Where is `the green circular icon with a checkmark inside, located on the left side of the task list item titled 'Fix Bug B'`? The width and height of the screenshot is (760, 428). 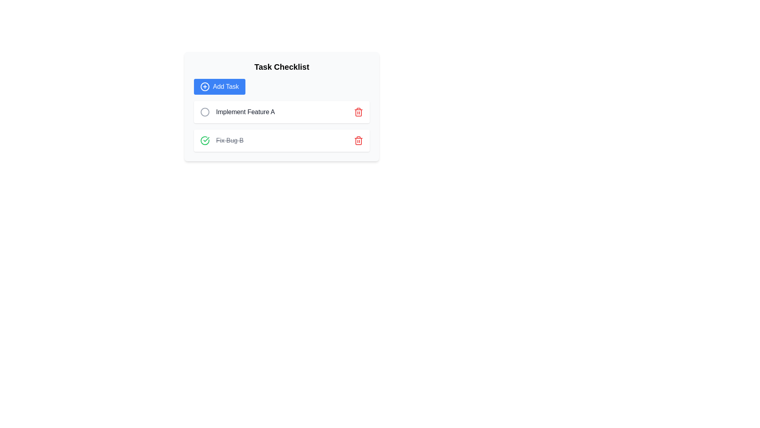 the green circular icon with a checkmark inside, located on the left side of the task list item titled 'Fix Bug B' is located at coordinates (205, 140).